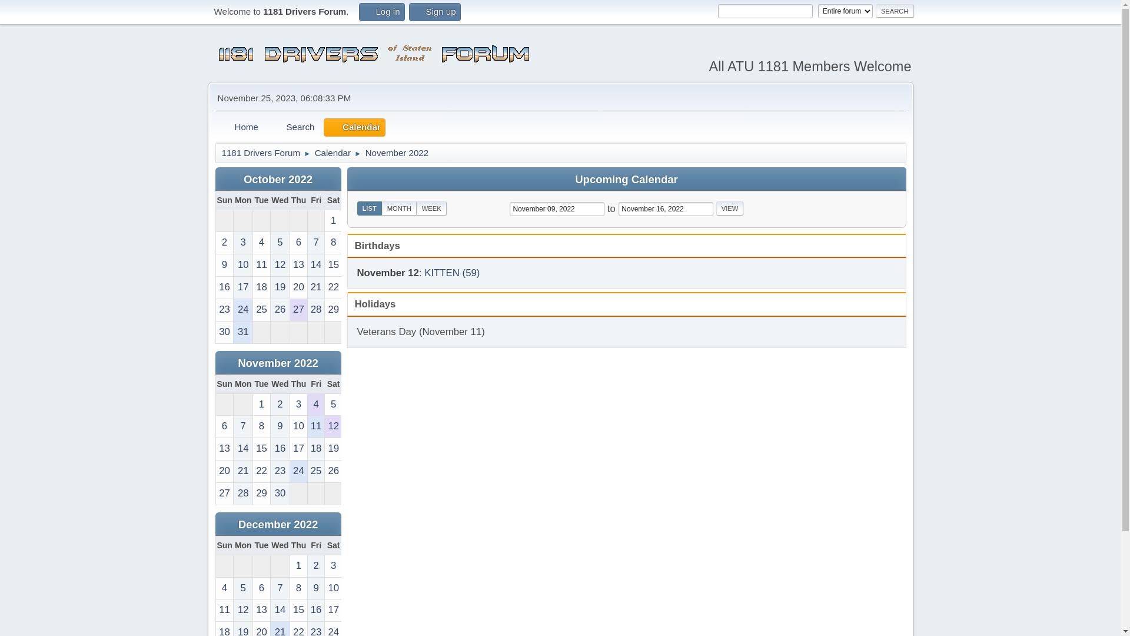 Image resolution: width=1130 pixels, height=636 pixels. I want to click on '29', so click(325, 309).